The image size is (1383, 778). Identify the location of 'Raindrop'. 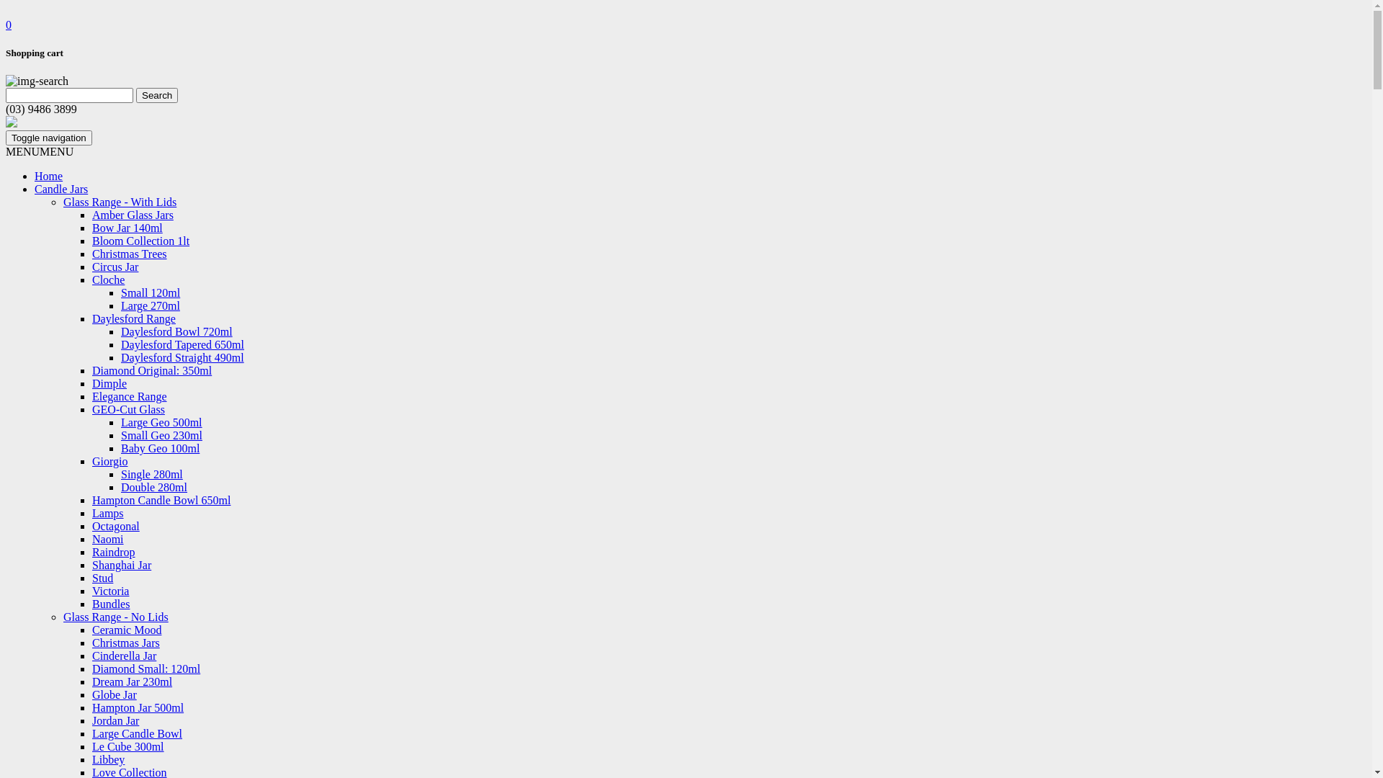
(113, 551).